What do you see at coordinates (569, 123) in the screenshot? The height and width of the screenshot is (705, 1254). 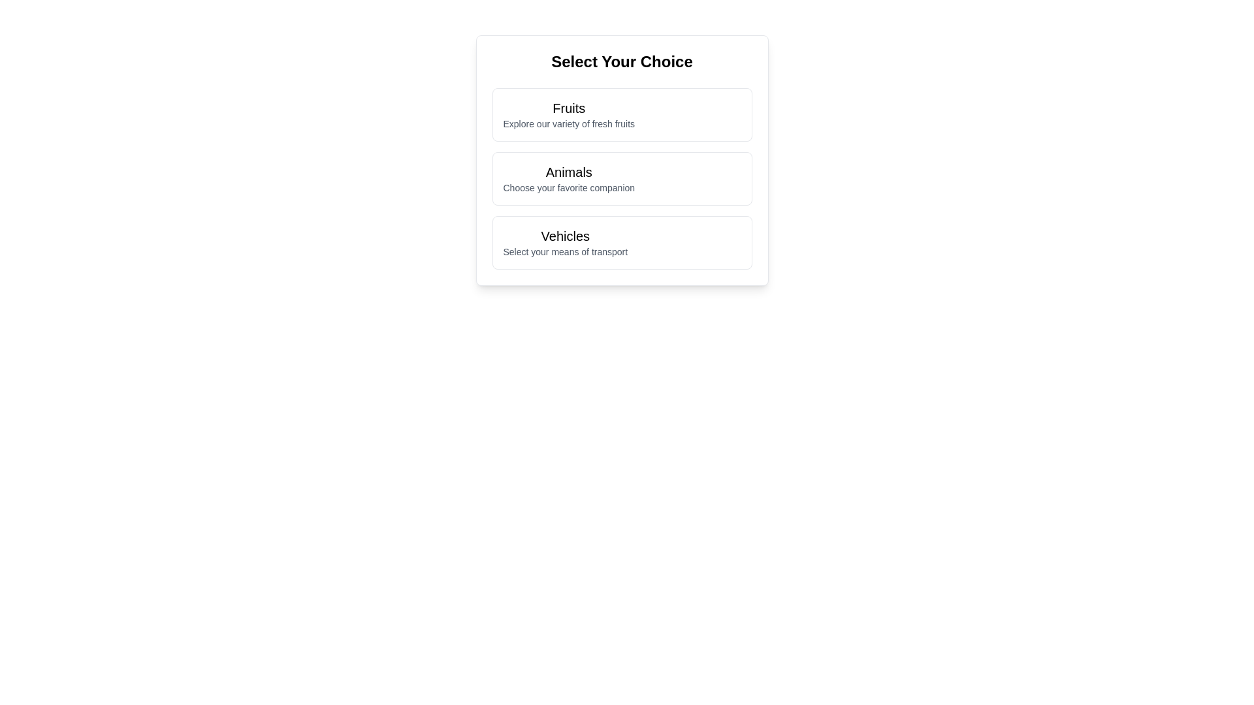 I see `the static text label displaying 'Explore our variety of fresh fruits', which is positioned beneath the title 'Fruits' in a selection section` at bounding box center [569, 123].